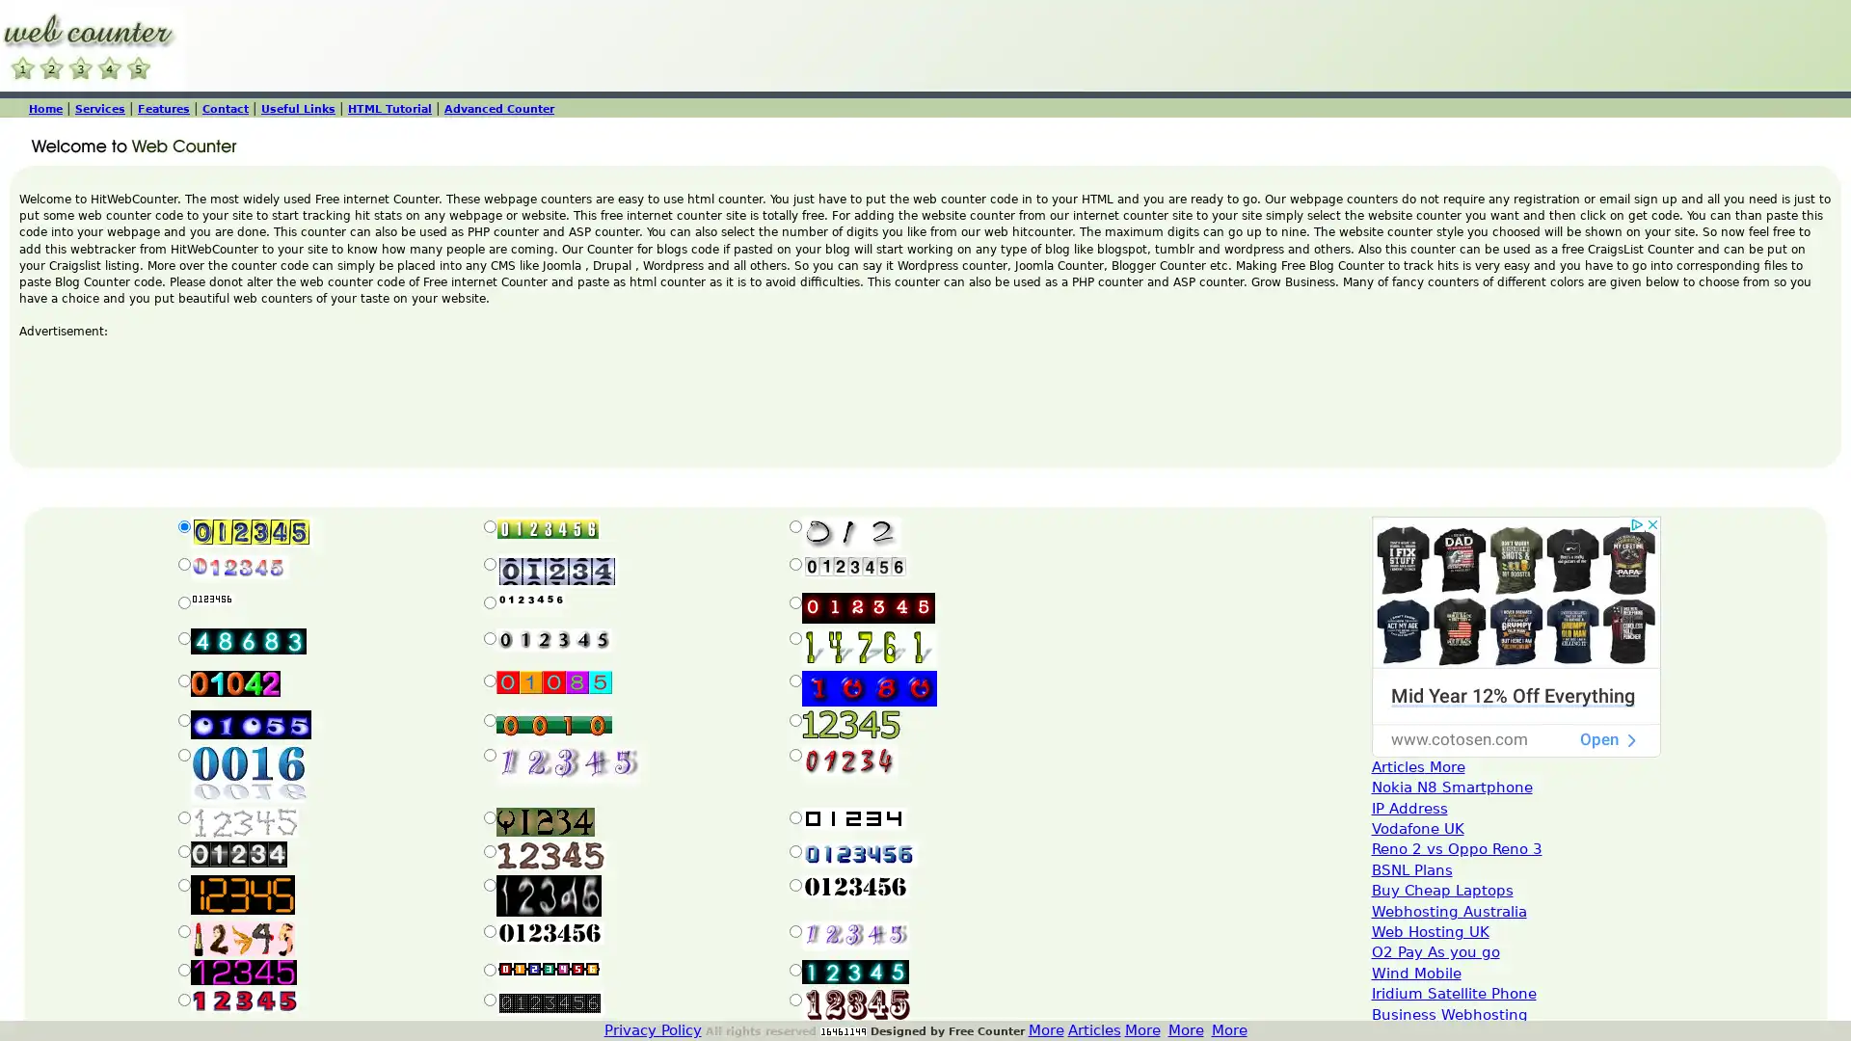 The height and width of the screenshot is (1041, 1851). Describe the element at coordinates (854, 887) in the screenshot. I see `Submit` at that location.